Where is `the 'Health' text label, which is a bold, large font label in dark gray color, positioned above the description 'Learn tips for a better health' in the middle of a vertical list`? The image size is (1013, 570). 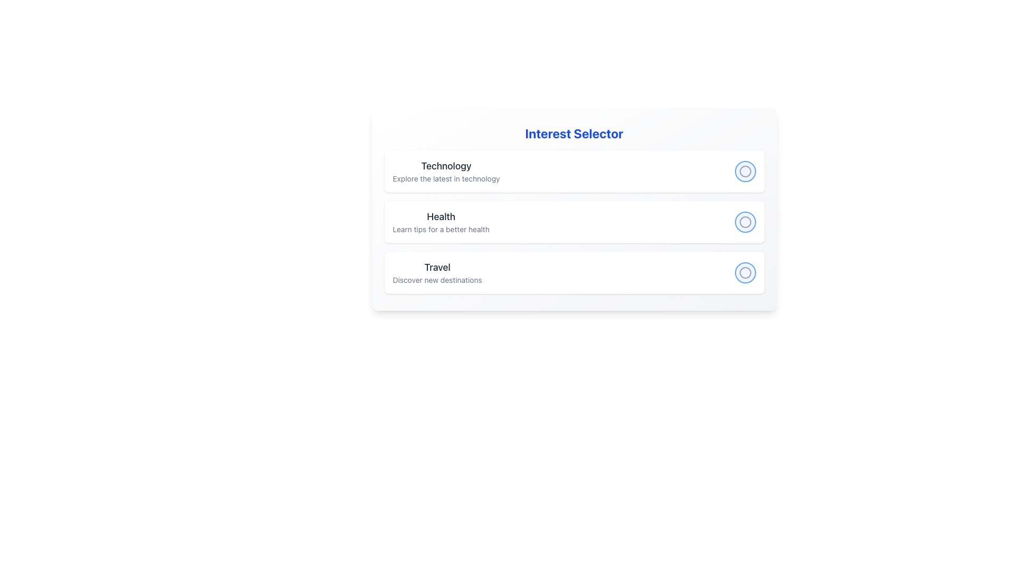 the 'Health' text label, which is a bold, large font label in dark gray color, positioned above the description 'Learn tips for a better health' in the middle of a vertical list is located at coordinates (441, 216).